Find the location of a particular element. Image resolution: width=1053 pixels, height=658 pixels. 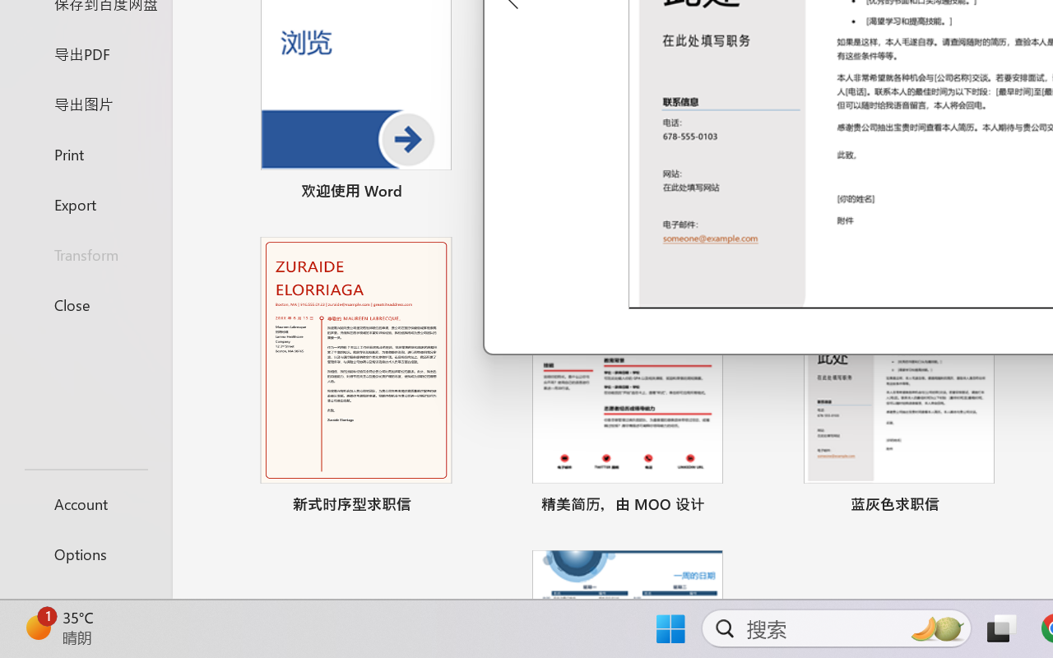

'Export' is located at coordinates (85, 203).